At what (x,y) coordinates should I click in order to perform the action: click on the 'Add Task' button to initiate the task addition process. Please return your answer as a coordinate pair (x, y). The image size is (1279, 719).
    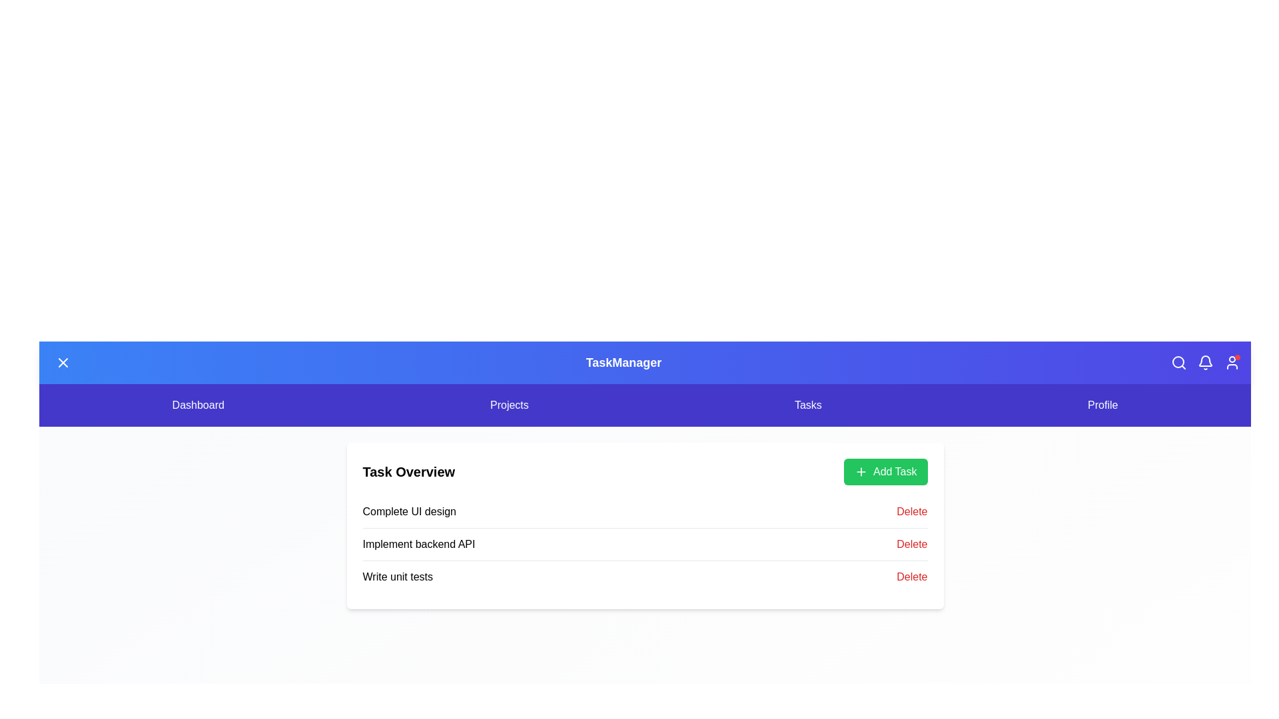
    Looking at the image, I should click on (885, 471).